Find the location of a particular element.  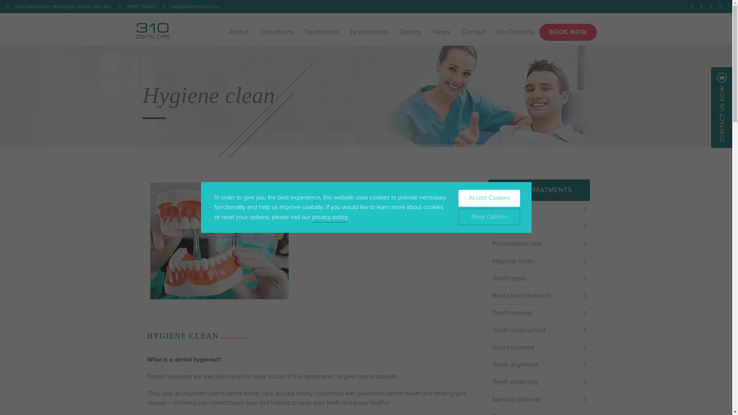

'About' is located at coordinates (223, 34).